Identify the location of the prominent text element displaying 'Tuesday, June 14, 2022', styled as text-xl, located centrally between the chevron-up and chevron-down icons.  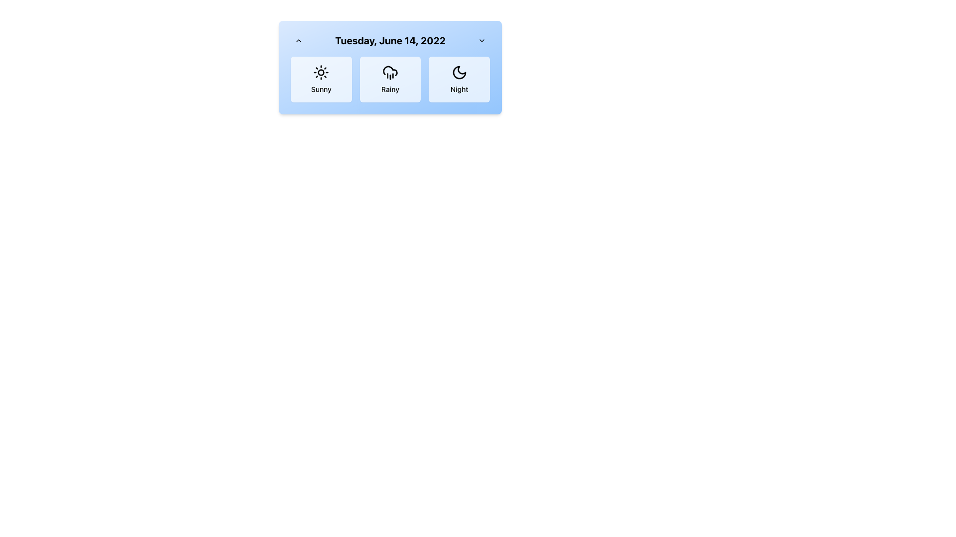
(389, 40).